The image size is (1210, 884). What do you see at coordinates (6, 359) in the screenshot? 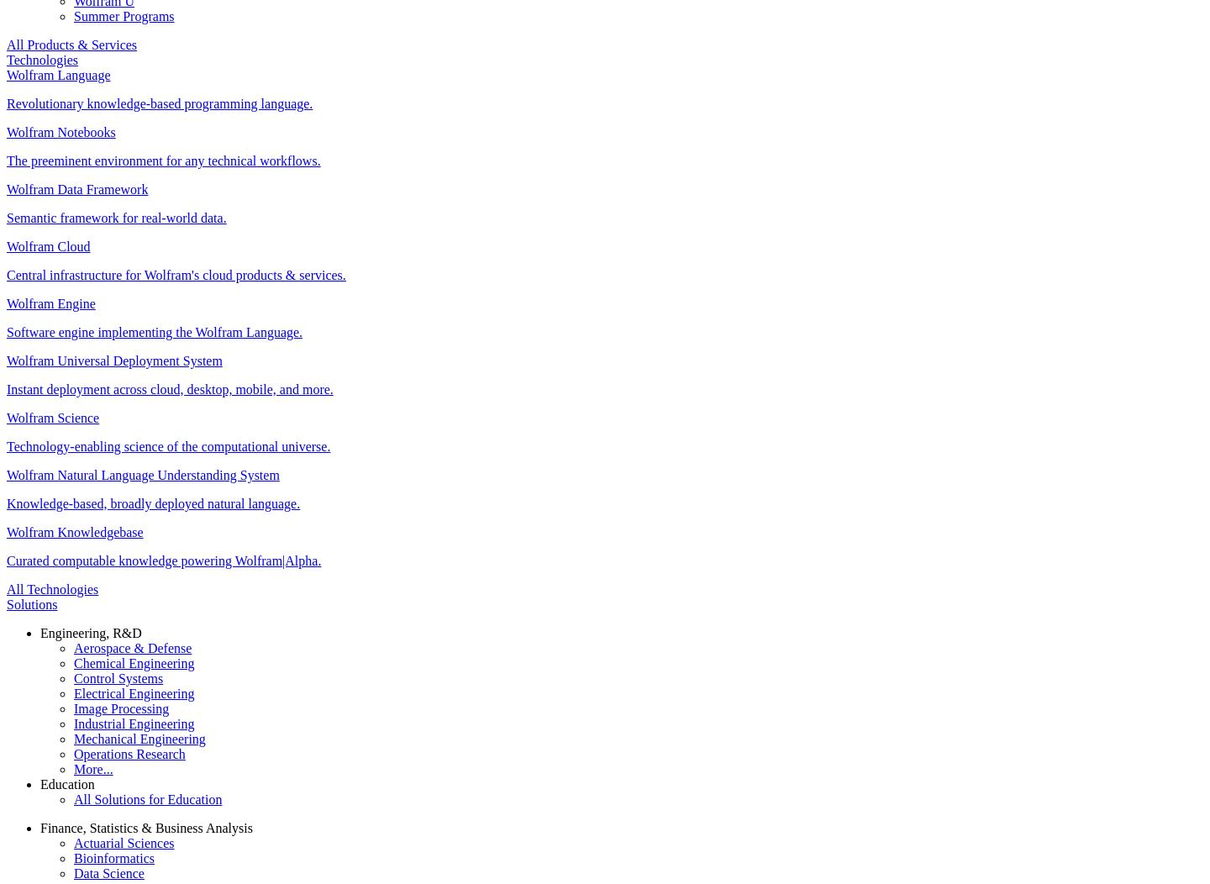
I see `'Wolfram Universal Deployment System'` at bounding box center [6, 359].